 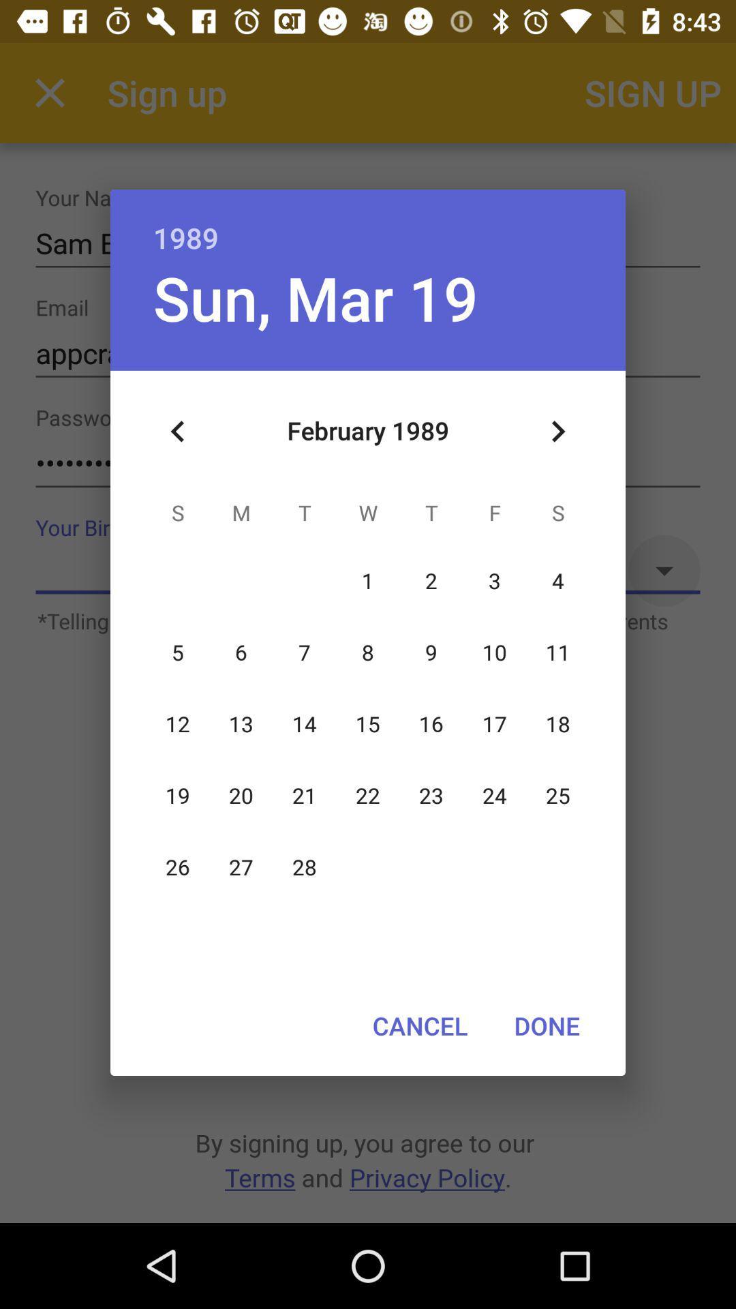 What do you see at coordinates (177, 431) in the screenshot?
I see `icon below sun, mar 19` at bounding box center [177, 431].